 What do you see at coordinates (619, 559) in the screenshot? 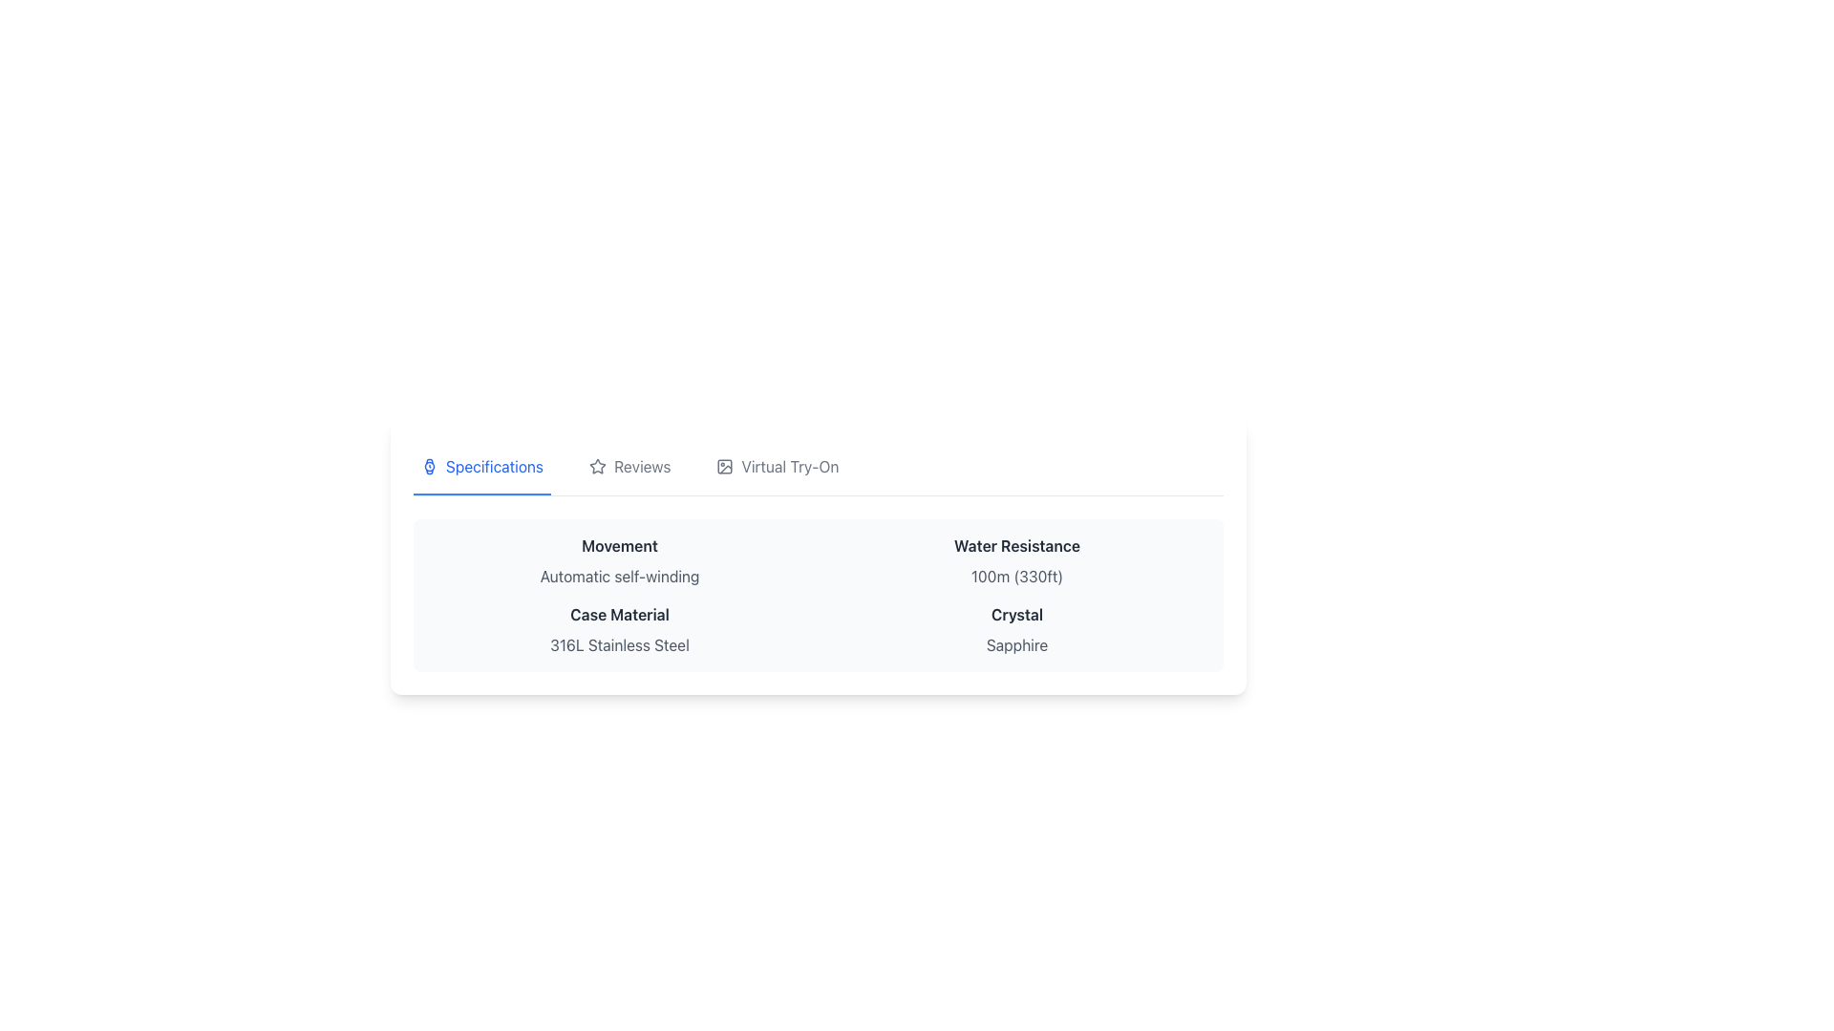
I see `informational text block that describes the product's movement type as 'Automatic self-winding', located in the top-left corner of a light gray rectangular section with rounded edges` at bounding box center [619, 559].